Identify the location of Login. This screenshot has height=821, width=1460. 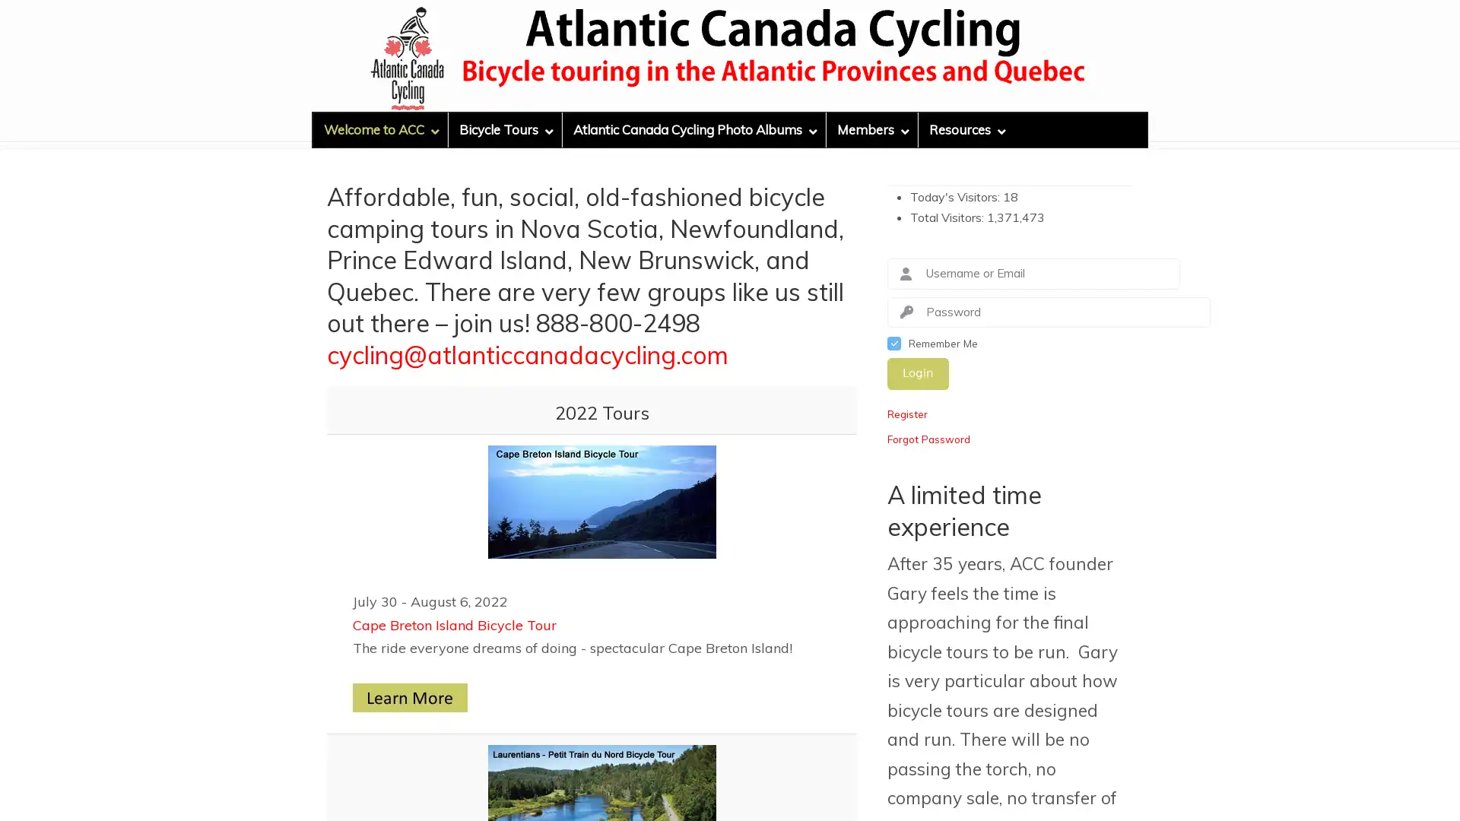
(917, 373).